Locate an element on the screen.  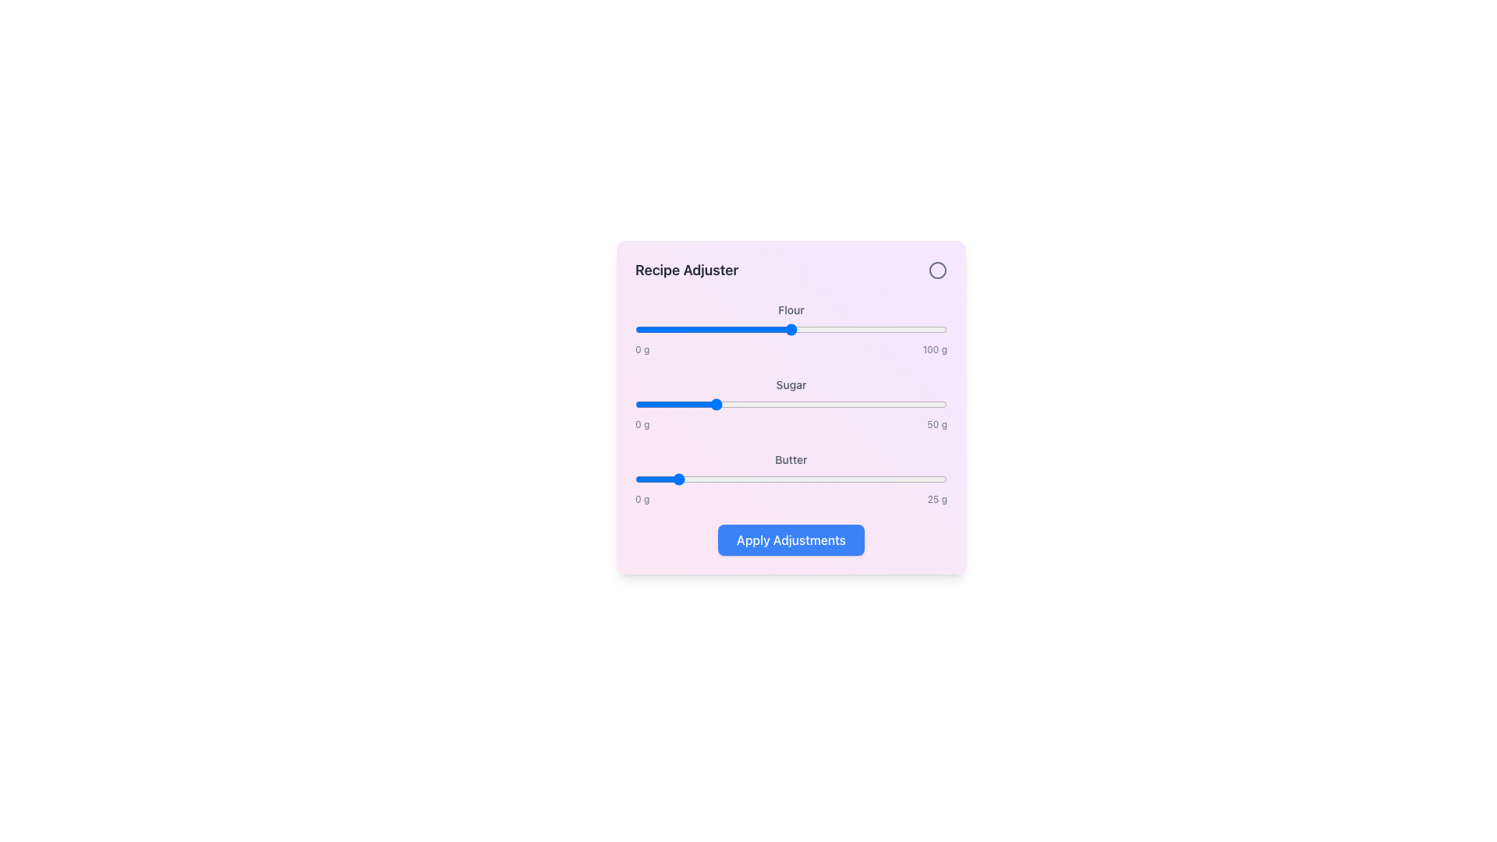
the flour amount is located at coordinates (767, 329).